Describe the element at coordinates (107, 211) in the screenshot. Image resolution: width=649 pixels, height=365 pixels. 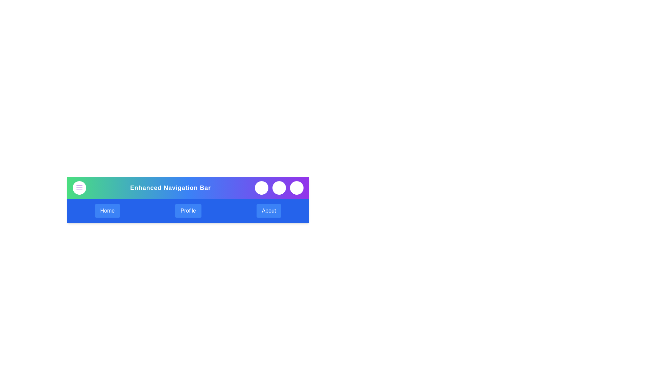
I see `the 'Home' navigation link in the navigation bar` at that location.